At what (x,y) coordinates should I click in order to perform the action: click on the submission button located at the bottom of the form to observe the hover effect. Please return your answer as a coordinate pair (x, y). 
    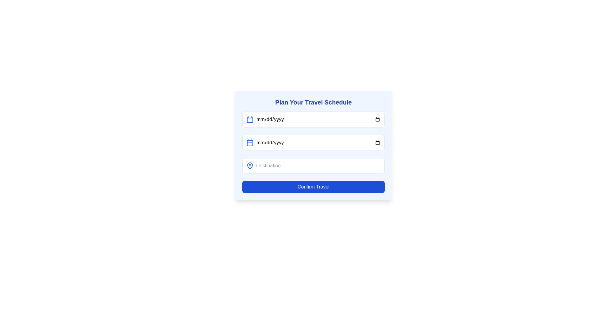
    Looking at the image, I should click on (314, 186).